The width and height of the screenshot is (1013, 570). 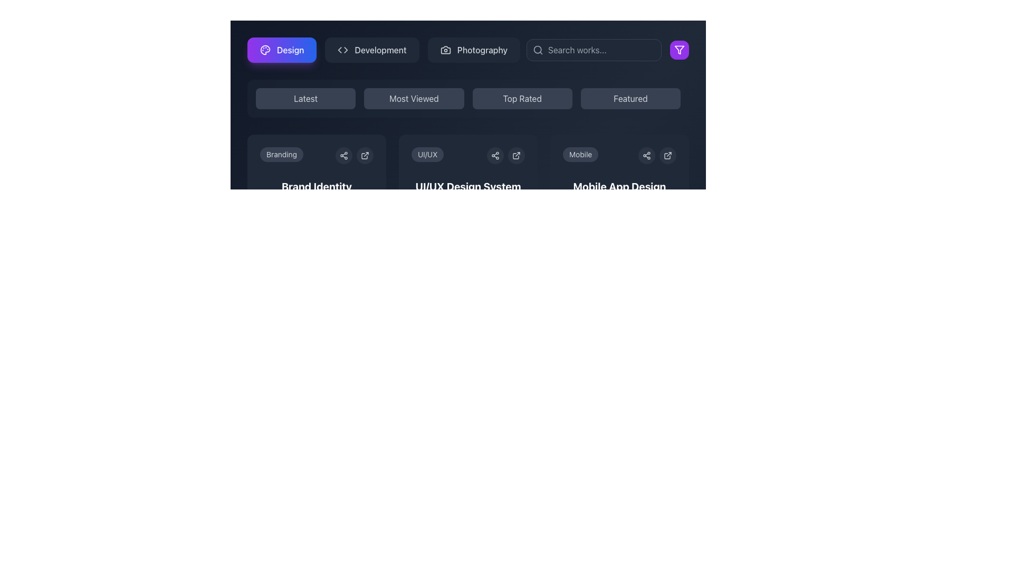 What do you see at coordinates (619, 209) in the screenshot?
I see `the icons of the Informational Statistic Display located under the title 'Mobile App Design'` at bounding box center [619, 209].